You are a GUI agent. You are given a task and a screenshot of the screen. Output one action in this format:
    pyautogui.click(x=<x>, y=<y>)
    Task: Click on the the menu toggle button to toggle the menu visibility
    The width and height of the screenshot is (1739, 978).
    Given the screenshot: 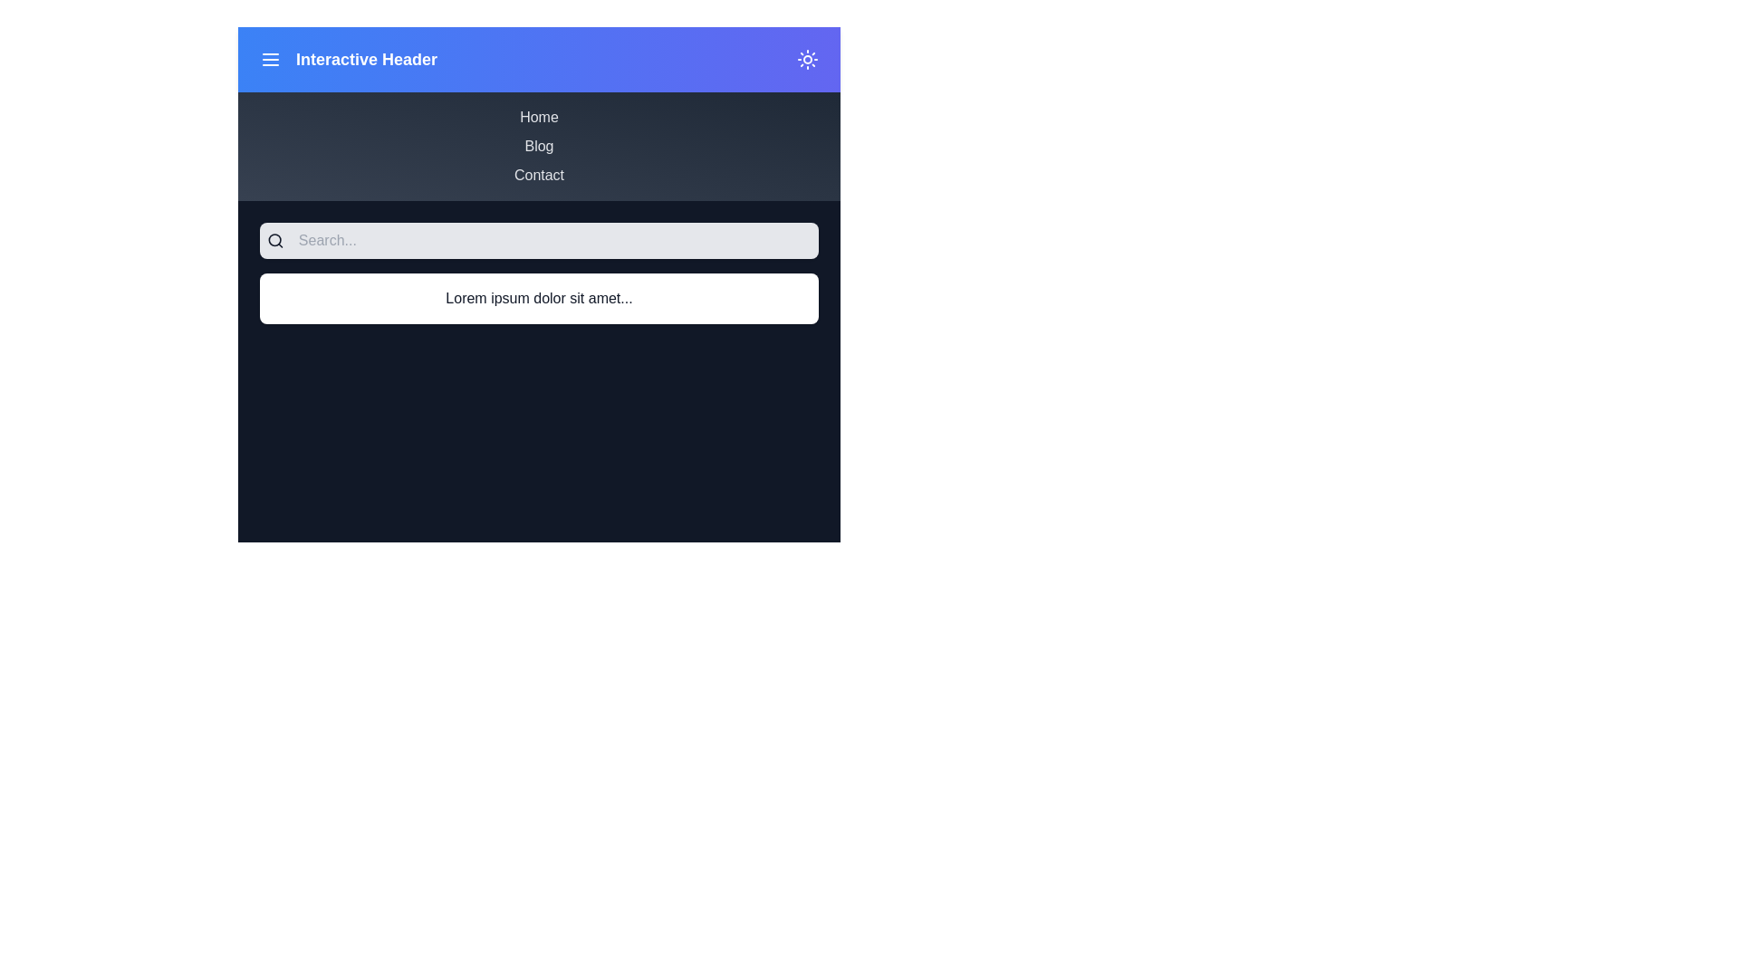 What is the action you would take?
    pyautogui.click(x=269, y=58)
    